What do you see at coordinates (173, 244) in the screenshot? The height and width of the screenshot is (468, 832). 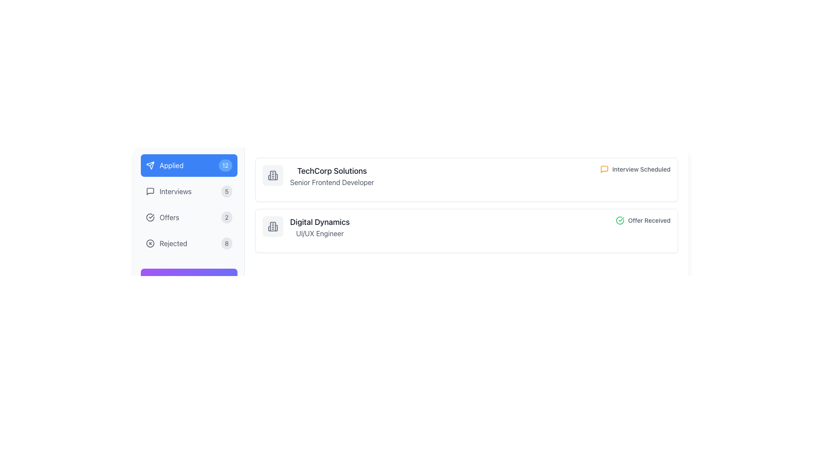 I see `text label indicating the 'Rejected' status located in the left sidebar, fourth option under 'Applied' and 'Offers'` at bounding box center [173, 244].